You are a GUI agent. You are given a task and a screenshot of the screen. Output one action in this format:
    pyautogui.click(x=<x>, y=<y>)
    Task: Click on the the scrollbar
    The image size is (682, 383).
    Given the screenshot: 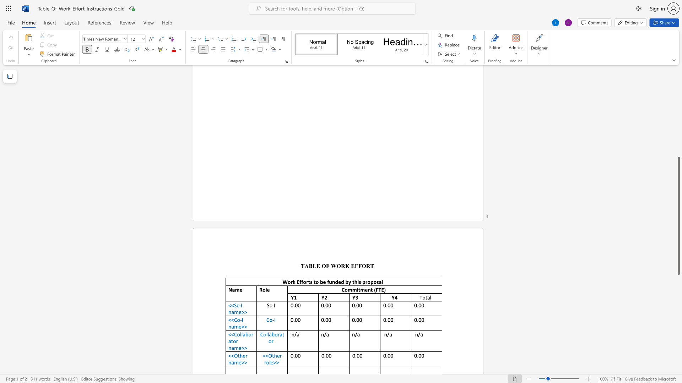 What is the action you would take?
    pyautogui.click(x=678, y=81)
    